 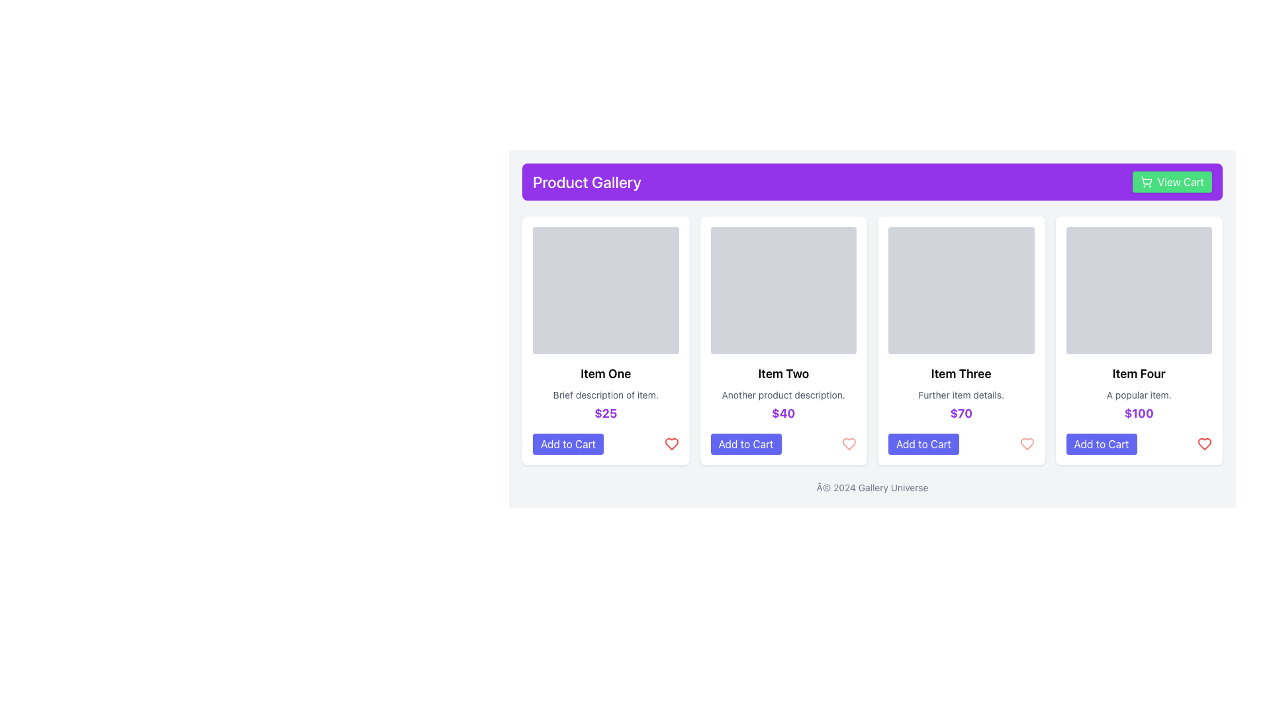 I want to click on the heart icon located at the bottom-right corner of the 'Item Two' card in the product gallery, so click(x=849, y=444).